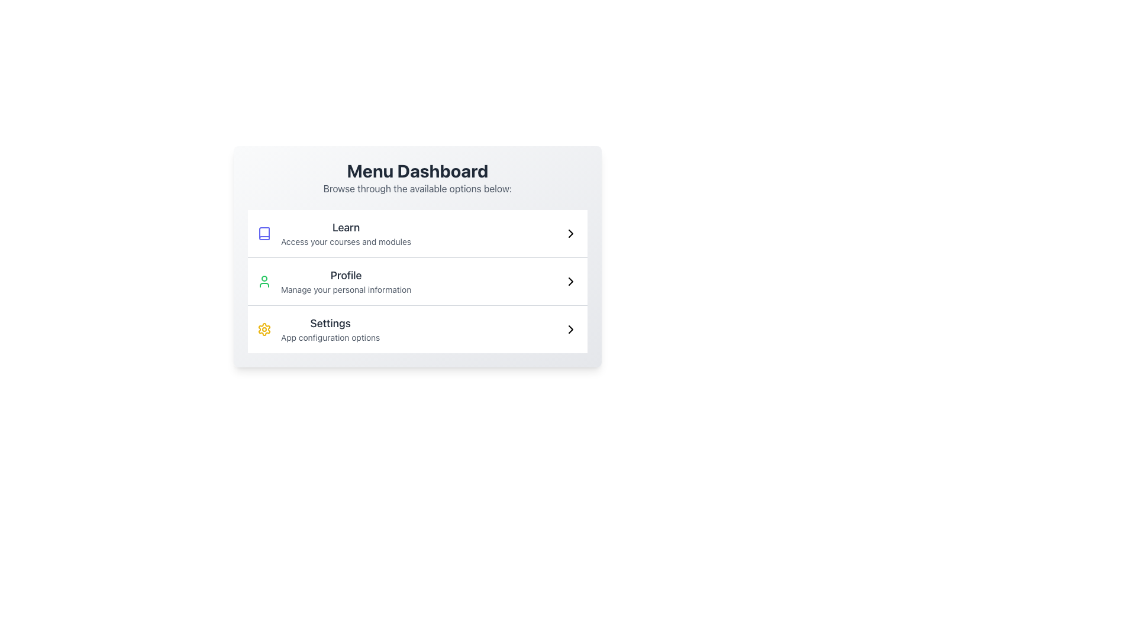 The image size is (1136, 639). I want to click on the chevron icon next to the 'Profile' text, which indicates that the 'Profile' section can be accessed or expanded, so click(570, 281).